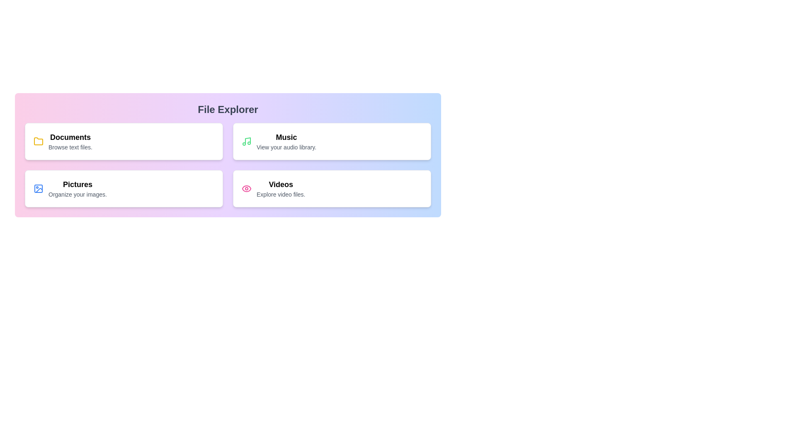 The image size is (796, 447). I want to click on the menu item Documents to access its content, so click(123, 141).